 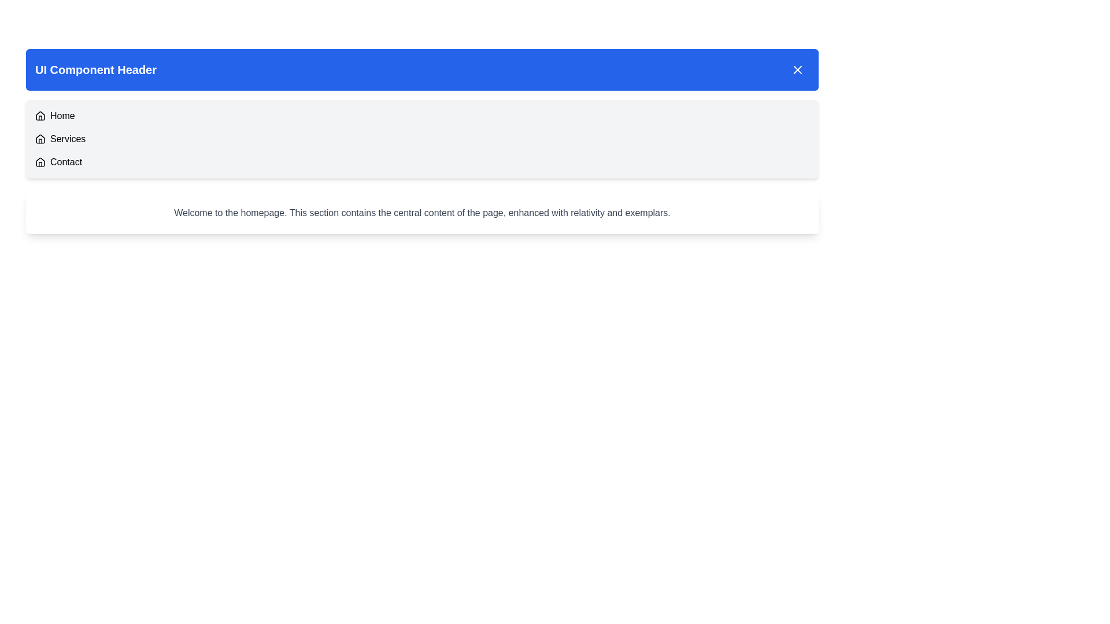 What do you see at coordinates (40, 116) in the screenshot?
I see `the outer shell of the home icon, which is part of the first listed navigation item immediately to the left of the 'Home' text` at bounding box center [40, 116].